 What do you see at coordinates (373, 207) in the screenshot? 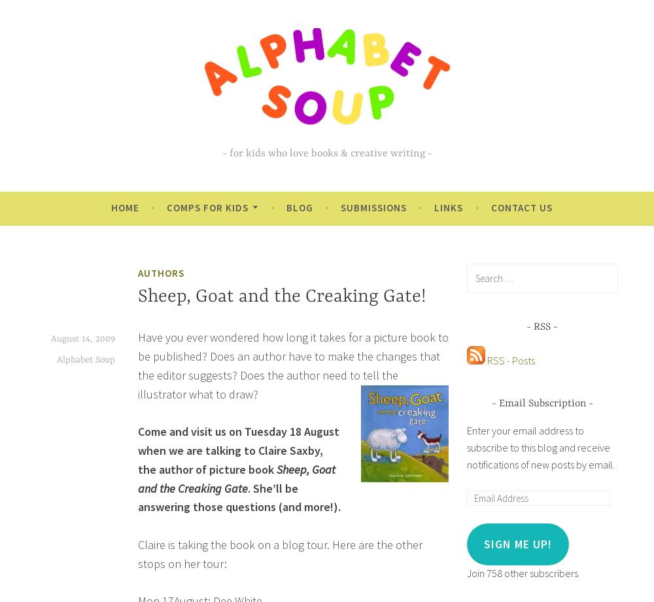
I see `'Submissions'` at bounding box center [373, 207].